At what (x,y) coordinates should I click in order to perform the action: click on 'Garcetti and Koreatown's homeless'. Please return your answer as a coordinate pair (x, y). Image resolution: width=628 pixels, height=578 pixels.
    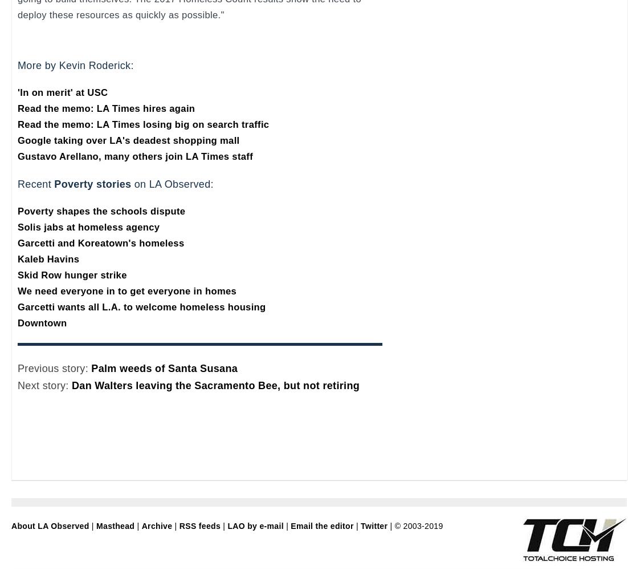
    Looking at the image, I should click on (17, 242).